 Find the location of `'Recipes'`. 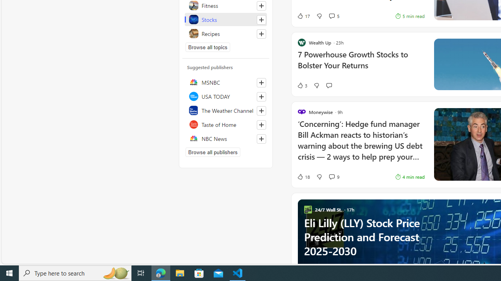

'Recipes' is located at coordinates (225, 33).